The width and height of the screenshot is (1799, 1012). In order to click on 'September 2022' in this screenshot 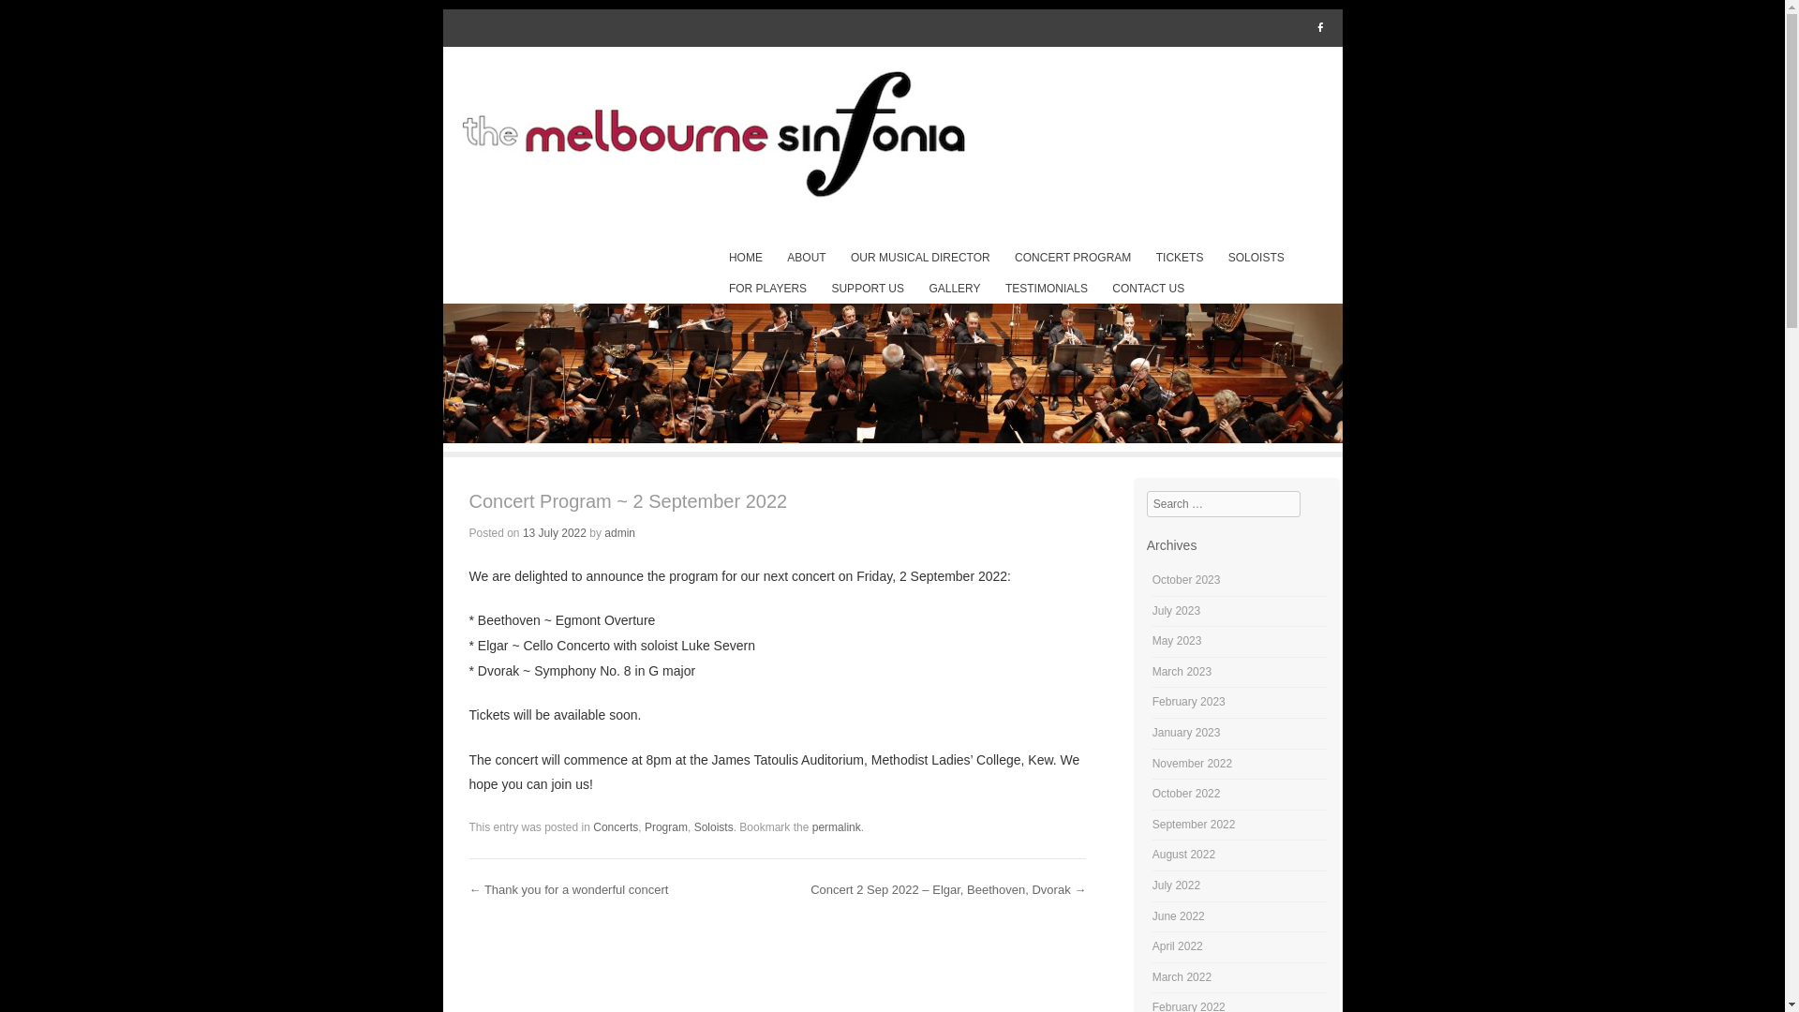, I will do `click(1151, 823)`.